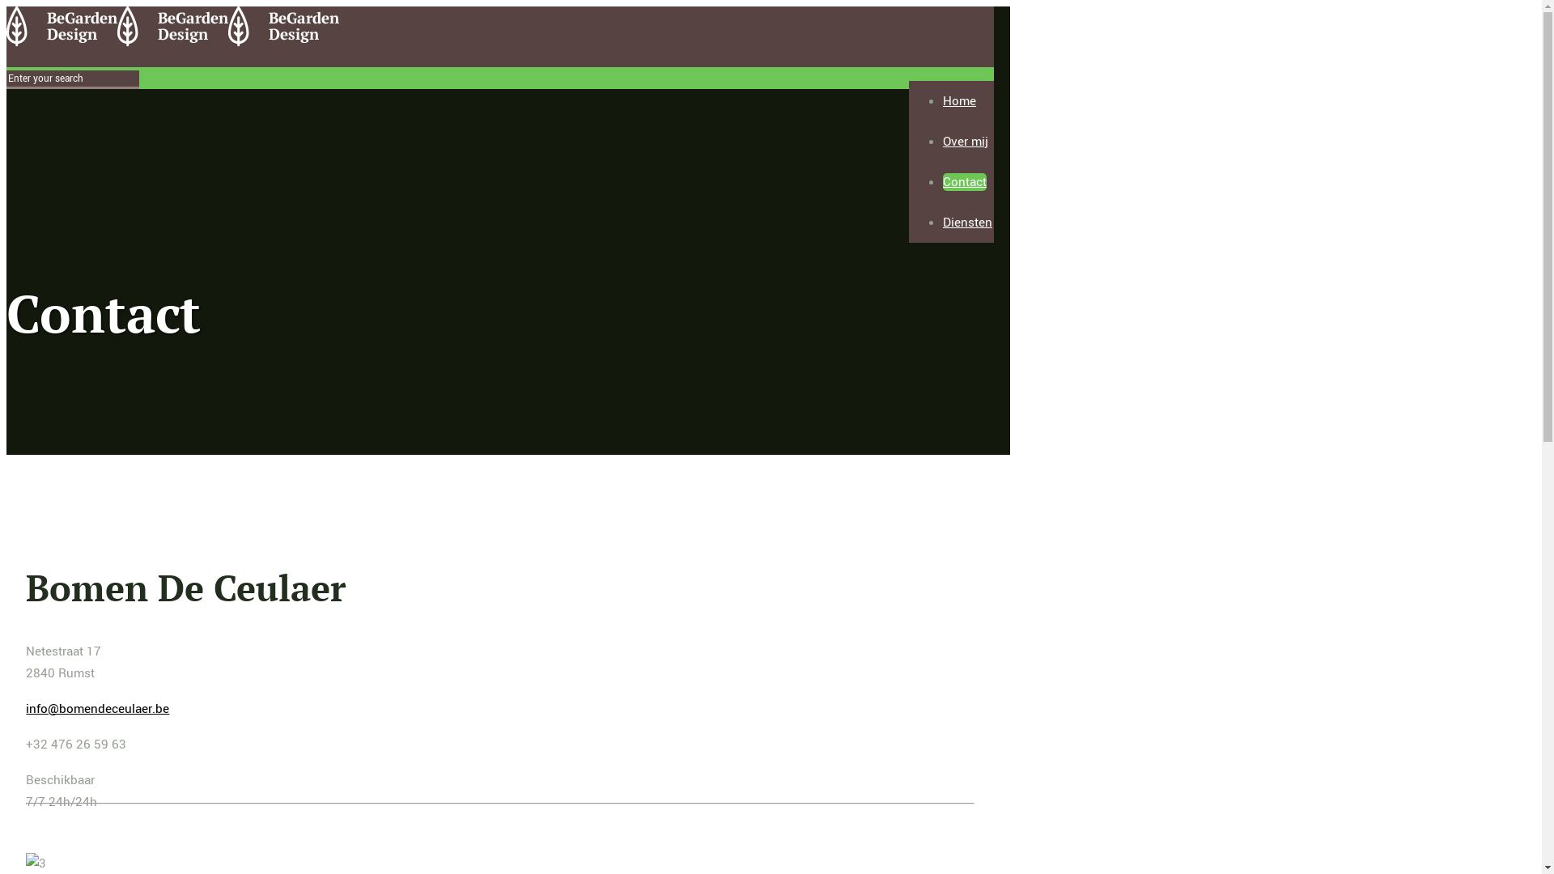  What do you see at coordinates (943, 140) in the screenshot?
I see `'Over mij'` at bounding box center [943, 140].